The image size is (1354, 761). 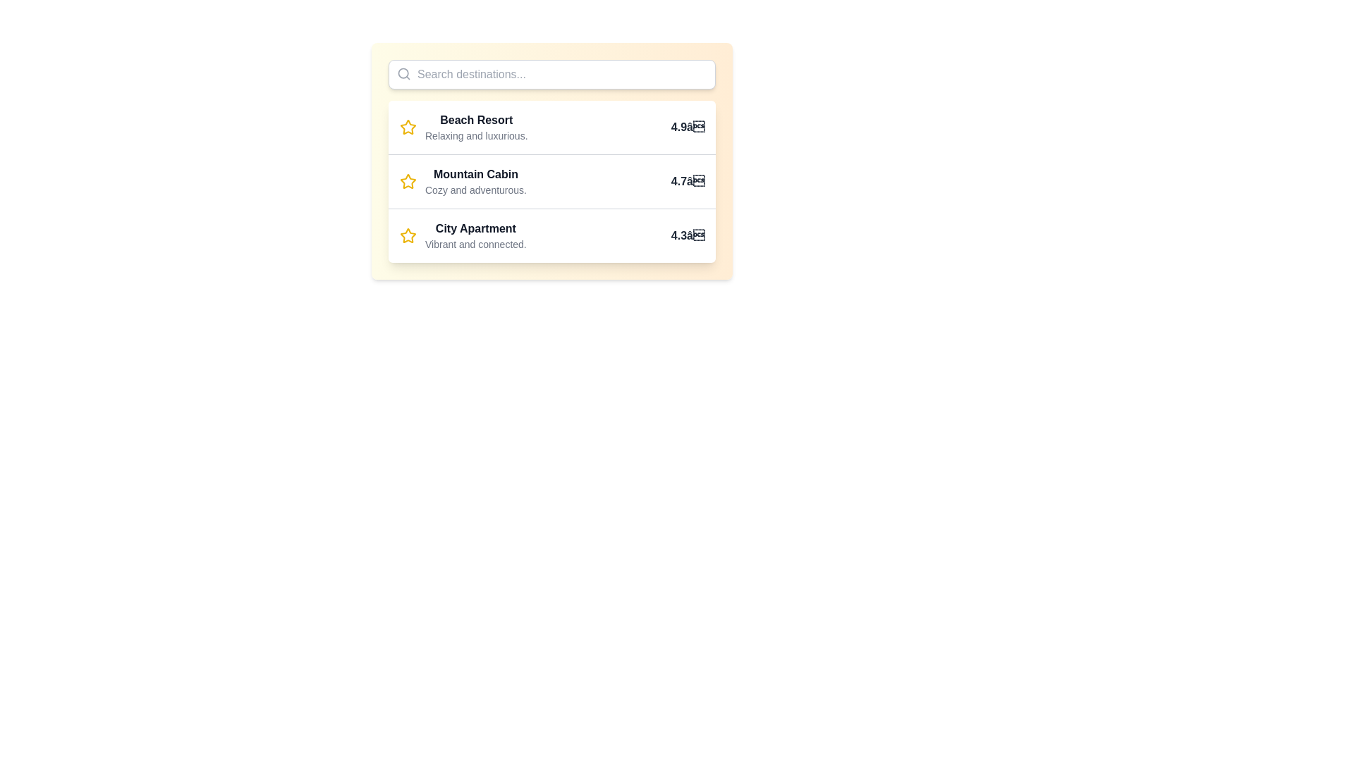 What do you see at coordinates (475, 228) in the screenshot?
I see `title text label for the associated location entry, which is positioned at the bottom of a vertical list, directly above the description 'Vibrant and connected.'` at bounding box center [475, 228].